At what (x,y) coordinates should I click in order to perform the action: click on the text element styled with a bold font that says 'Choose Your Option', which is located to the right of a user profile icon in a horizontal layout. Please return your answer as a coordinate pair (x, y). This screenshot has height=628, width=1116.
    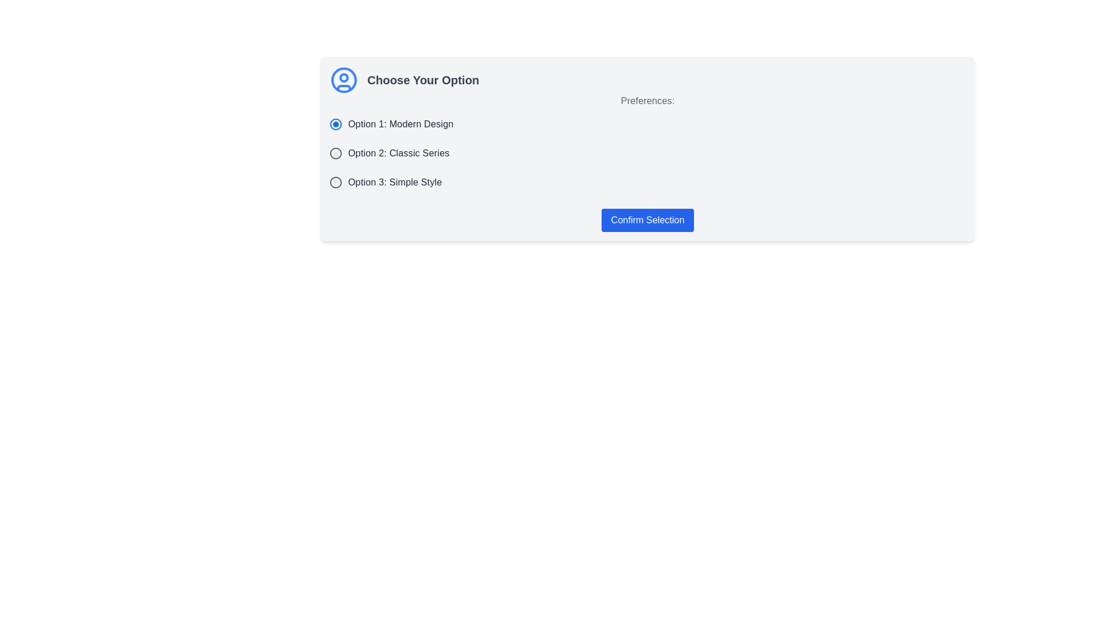
    Looking at the image, I should click on (423, 80).